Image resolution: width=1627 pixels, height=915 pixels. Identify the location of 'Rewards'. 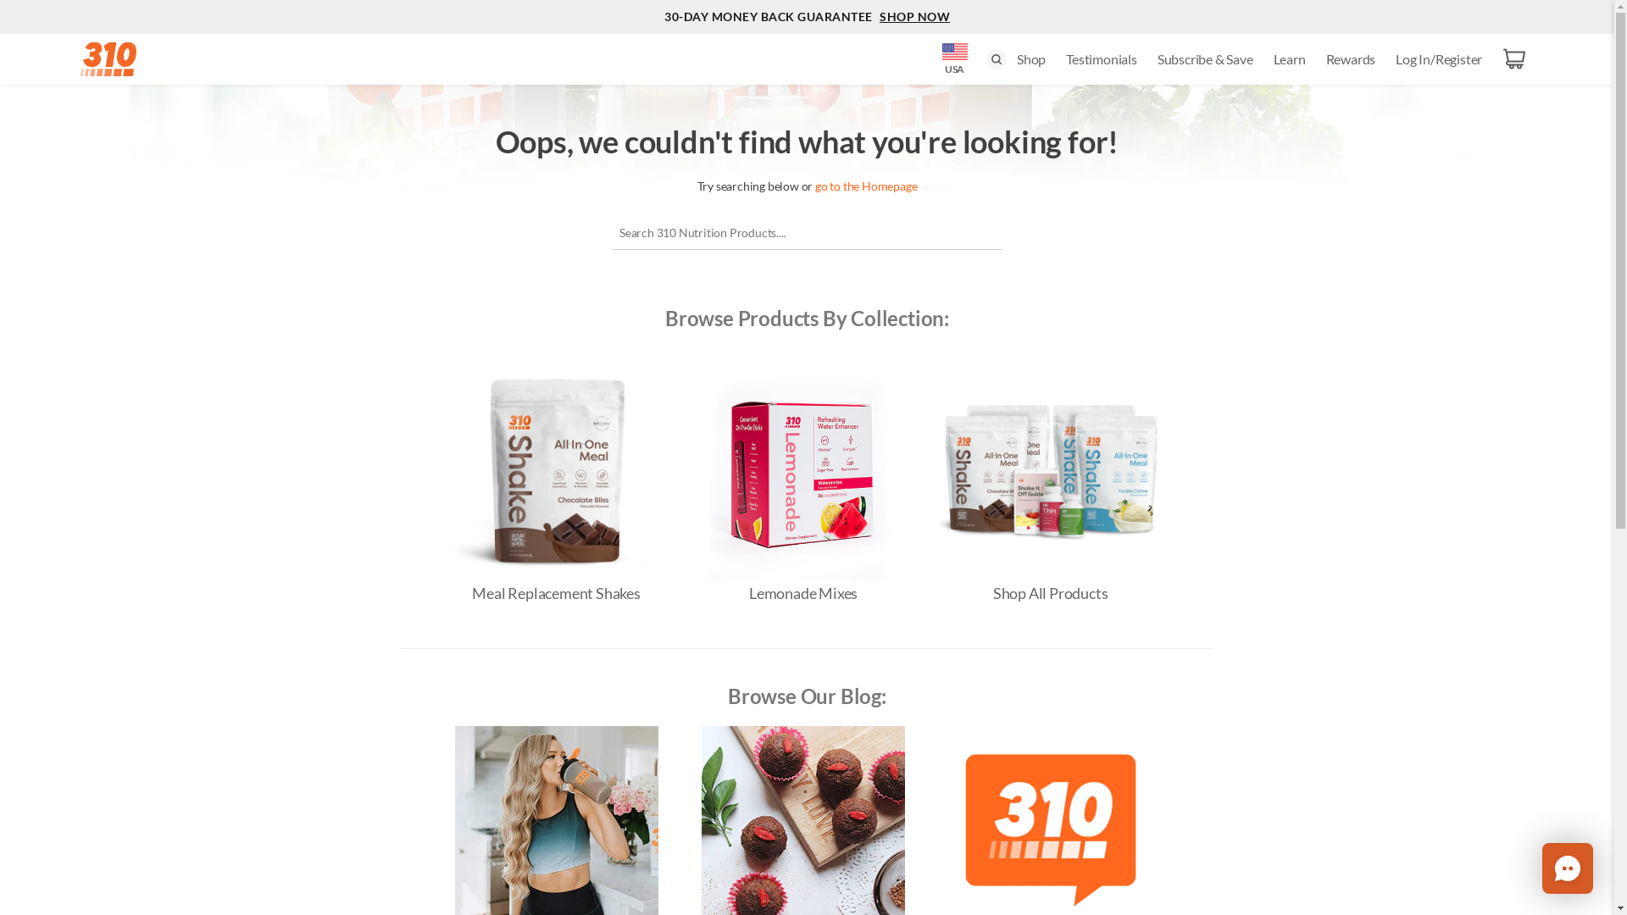
(1350, 58).